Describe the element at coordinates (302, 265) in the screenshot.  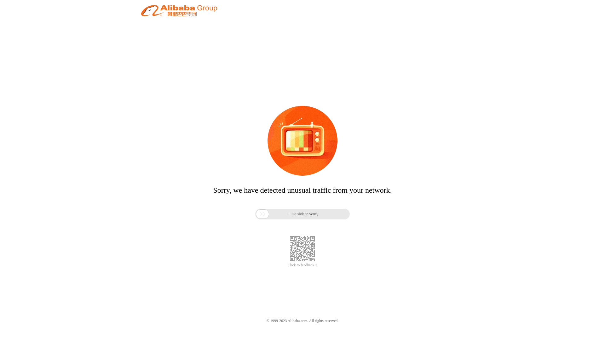
I see `'Click to feedback >'` at that location.